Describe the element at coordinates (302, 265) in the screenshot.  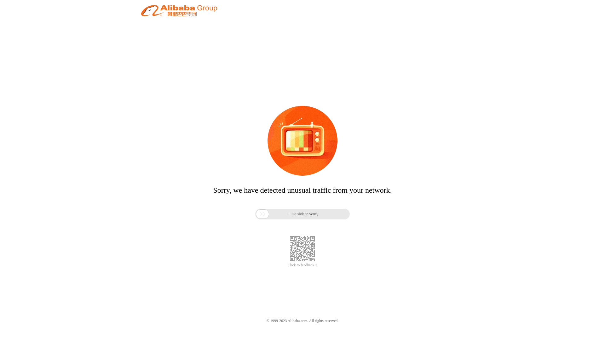
I see `'Click to feedback >'` at that location.